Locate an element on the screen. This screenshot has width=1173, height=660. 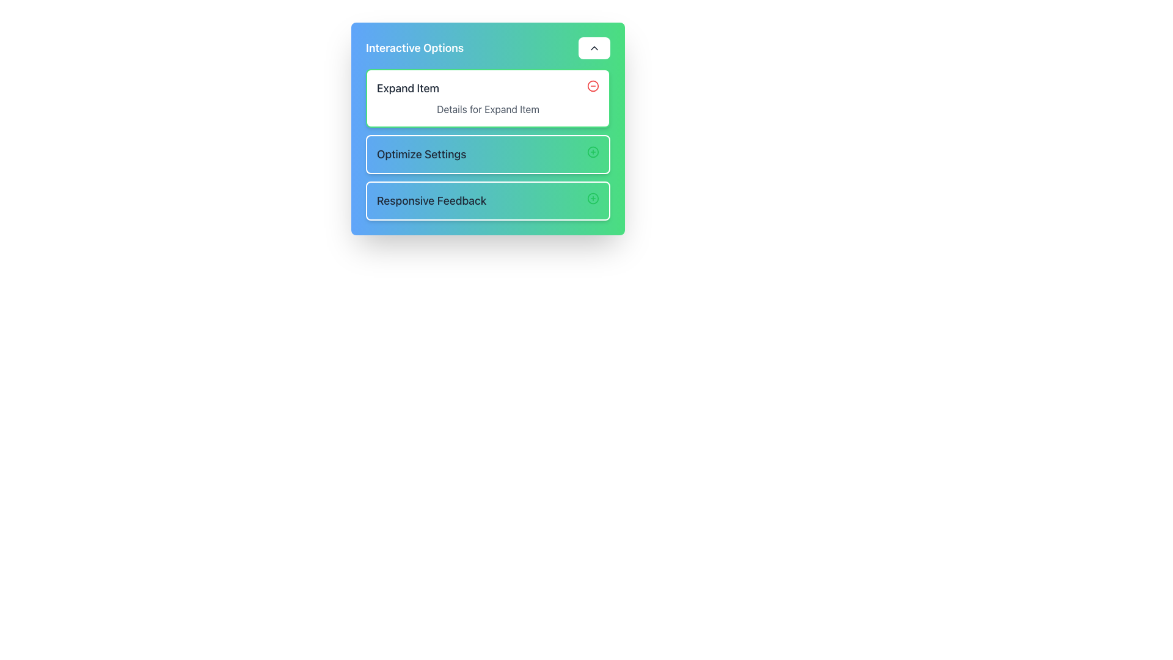
the static text element labeled 'Optimize Settings', which is located in the second group of a vertically stacked list of options, positioned beneath the 'Expand Item' group and above the 'Responsive Feedback' group is located at coordinates (422, 154).